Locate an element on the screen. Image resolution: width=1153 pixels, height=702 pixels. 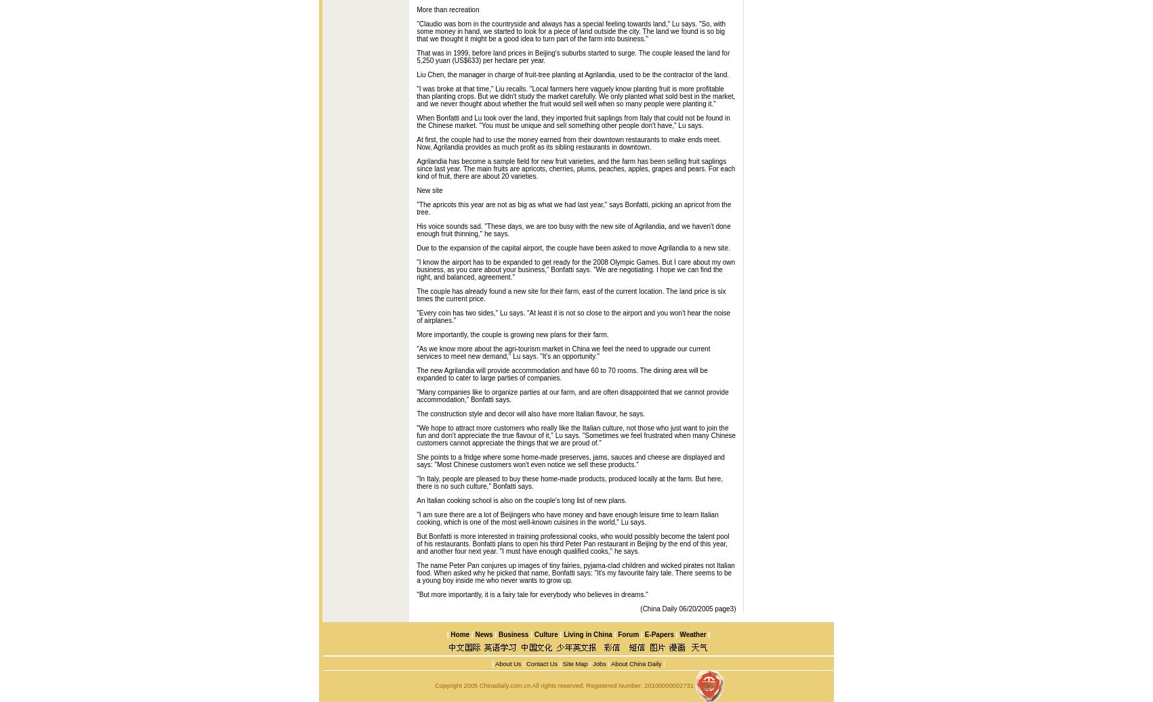
'She points to a fridge where some home-made preserves, jams, sauces and cheese are displayed and says: "Most Chinese customers won't even notice we sell these products."' is located at coordinates (569, 460).